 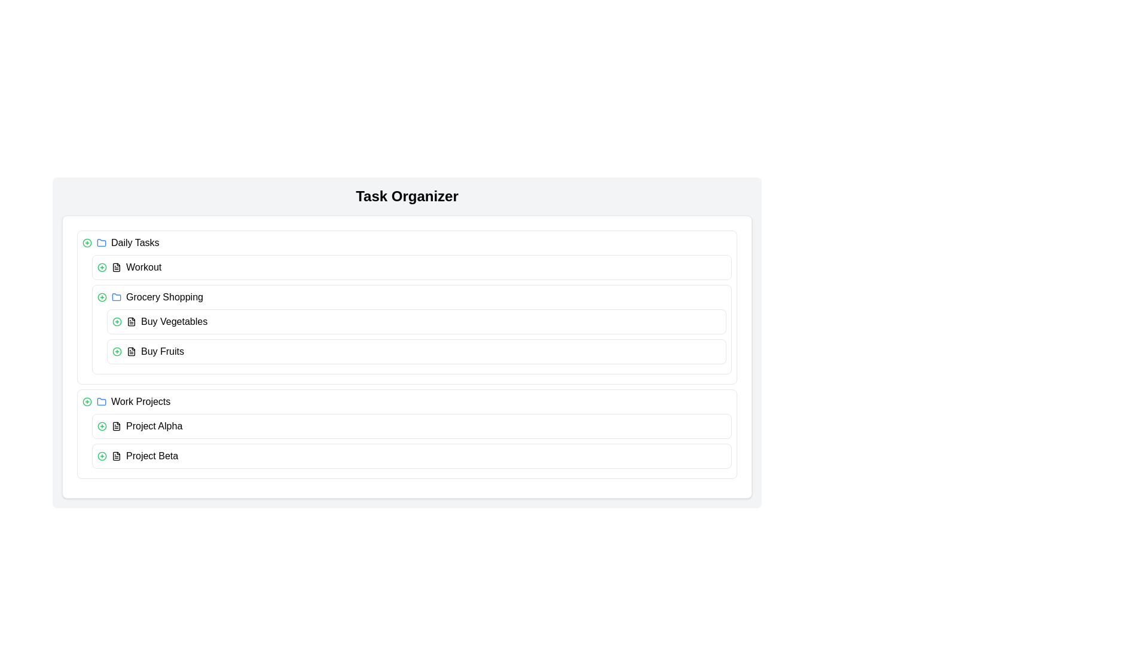 What do you see at coordinates (117, 296) in the screenshot?
I see `the icon that visually represents the 'Grocery Shopping' section, located immediately to the left of the text 'Grocery Shopping'` at bounding box center [117, 296].